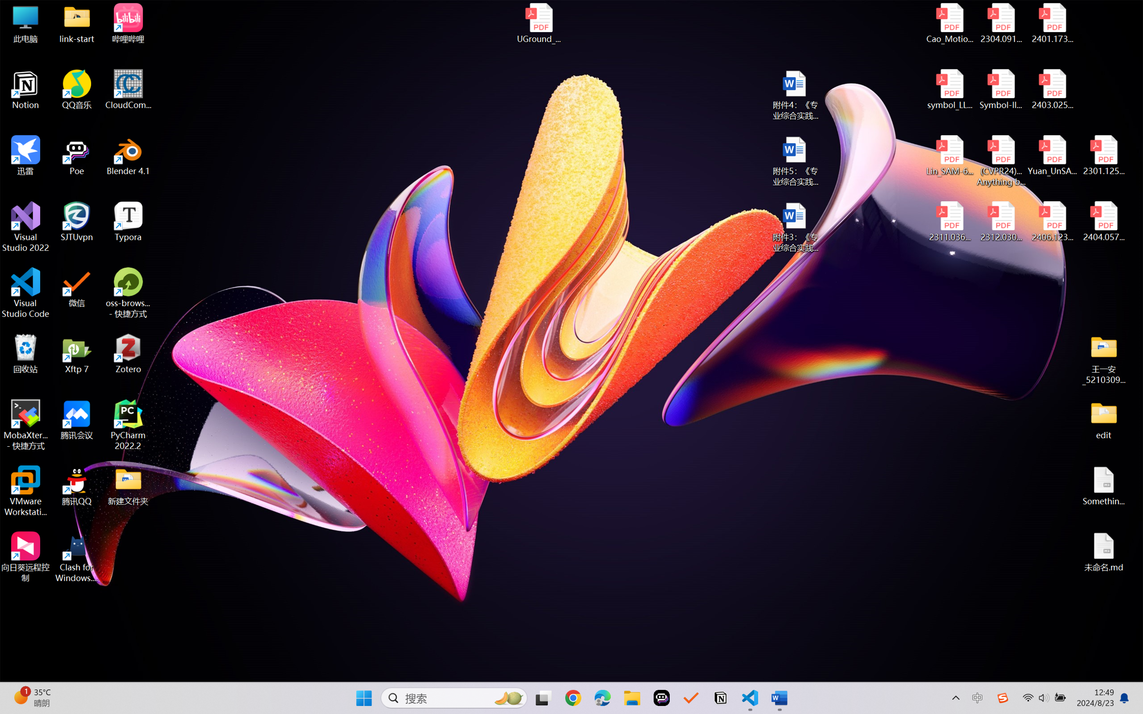 This screenshot has width=1143, height=714. Describe the element at coordinates (1103, 221) in the screenshot. I see `'2404.05719v1.pdf'` at that location.